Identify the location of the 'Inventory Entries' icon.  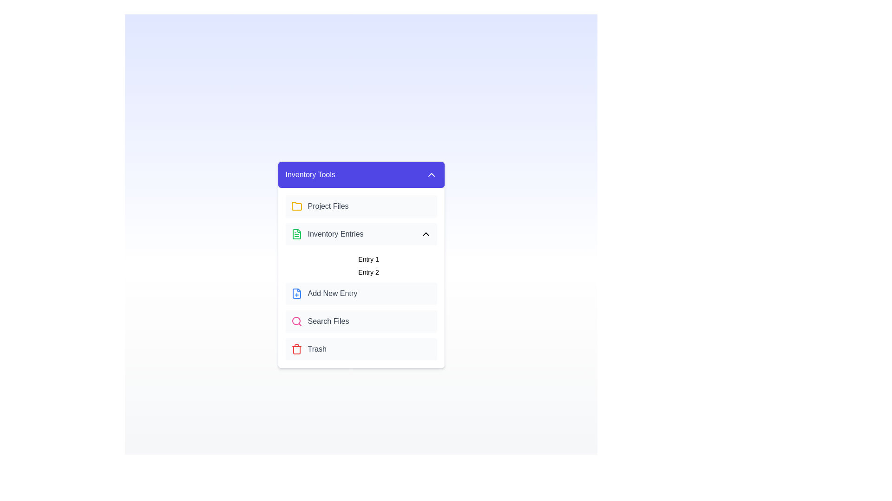
(296, 234).